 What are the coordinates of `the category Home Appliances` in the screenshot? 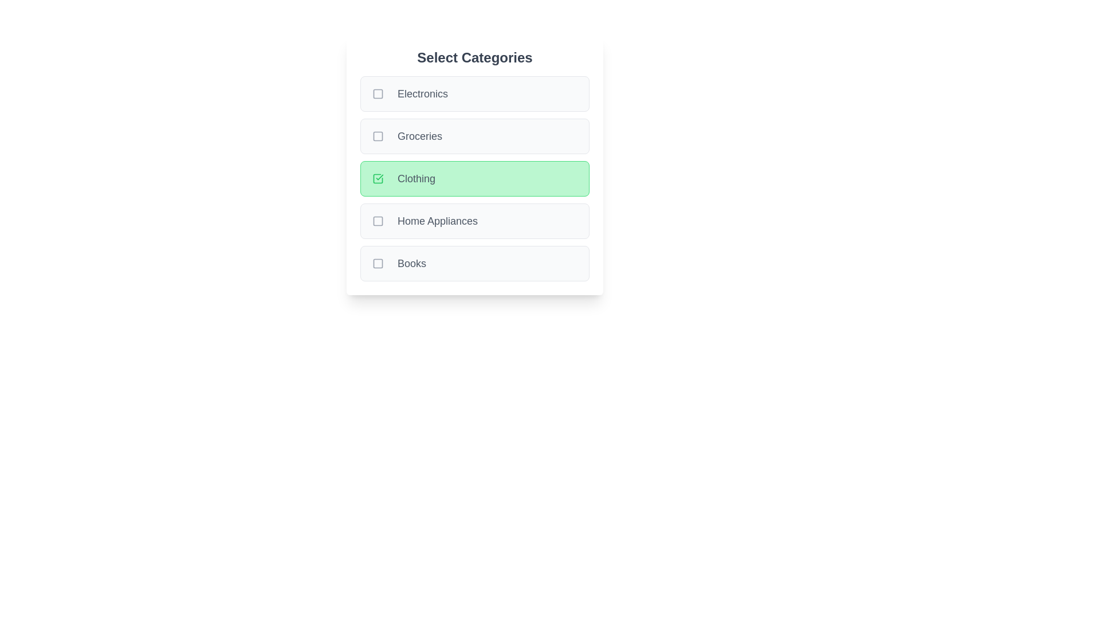 It's located at (475, 221).